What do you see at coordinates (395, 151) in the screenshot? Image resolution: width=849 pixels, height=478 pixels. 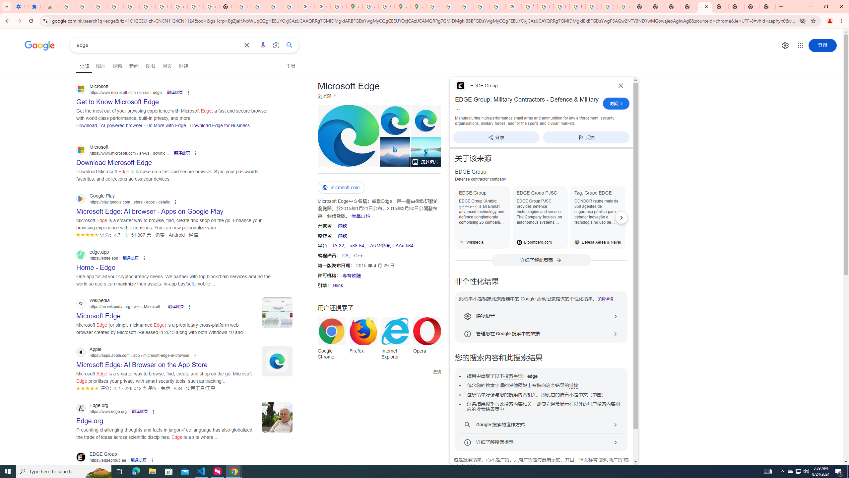 I see `'Microsoft Edge help & learning'` at bounding box center [395, 151].